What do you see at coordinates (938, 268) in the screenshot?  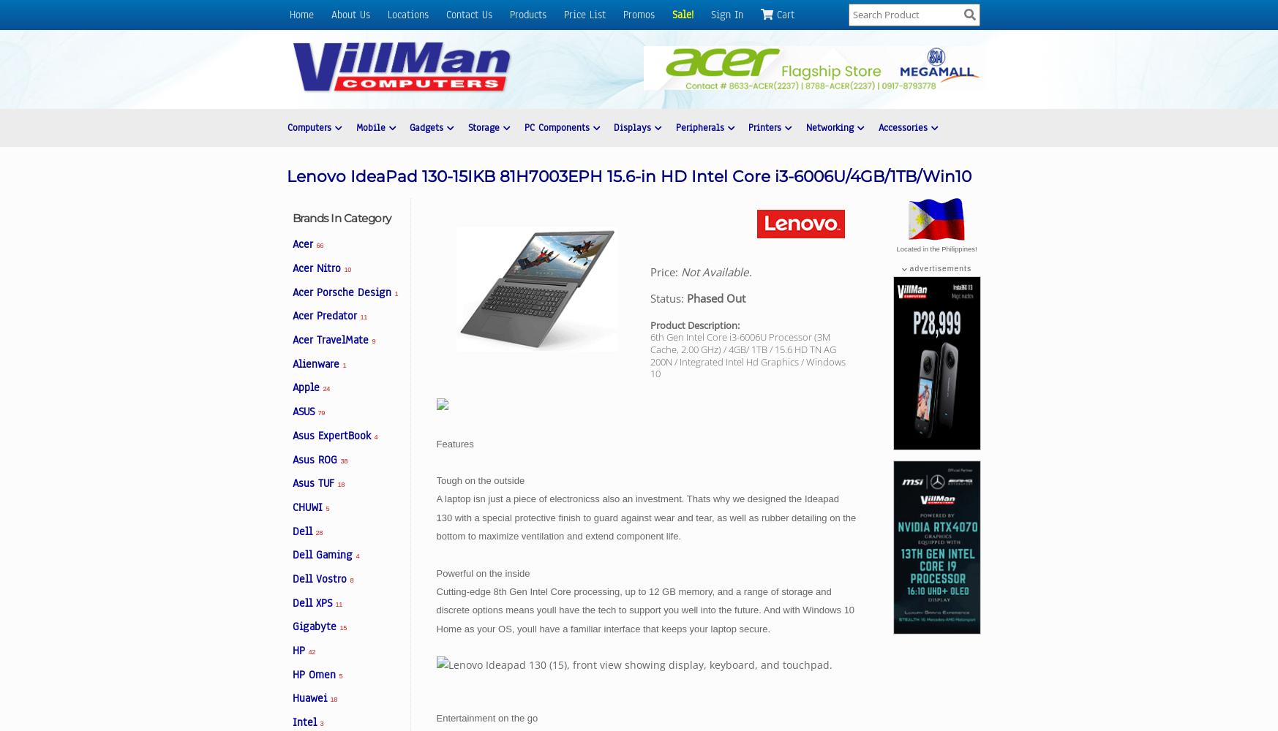 I see `'advertisements'` at bounding box center [938, 268].